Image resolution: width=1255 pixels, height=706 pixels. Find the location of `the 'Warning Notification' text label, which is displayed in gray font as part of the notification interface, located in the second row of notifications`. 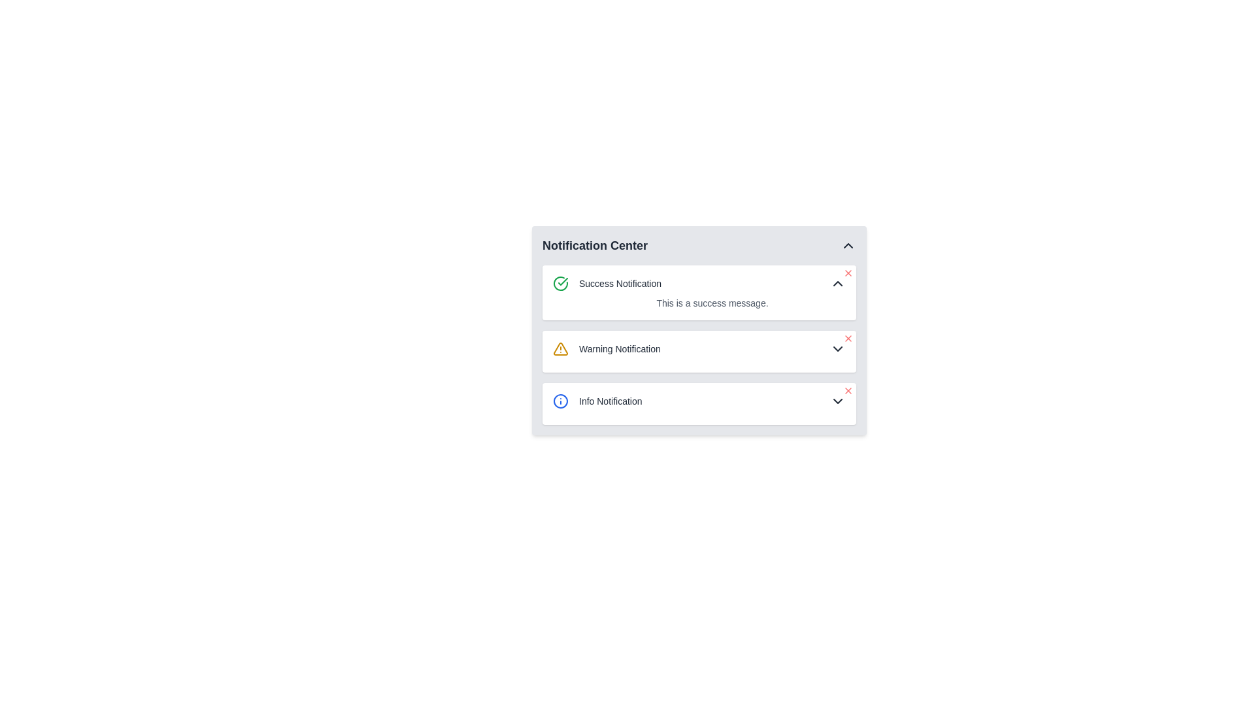

the 'Warning Notification' text label, which is displayed in gray font as part of the notification interface, located in the second row of notifications is located at coordinates (619, 348).